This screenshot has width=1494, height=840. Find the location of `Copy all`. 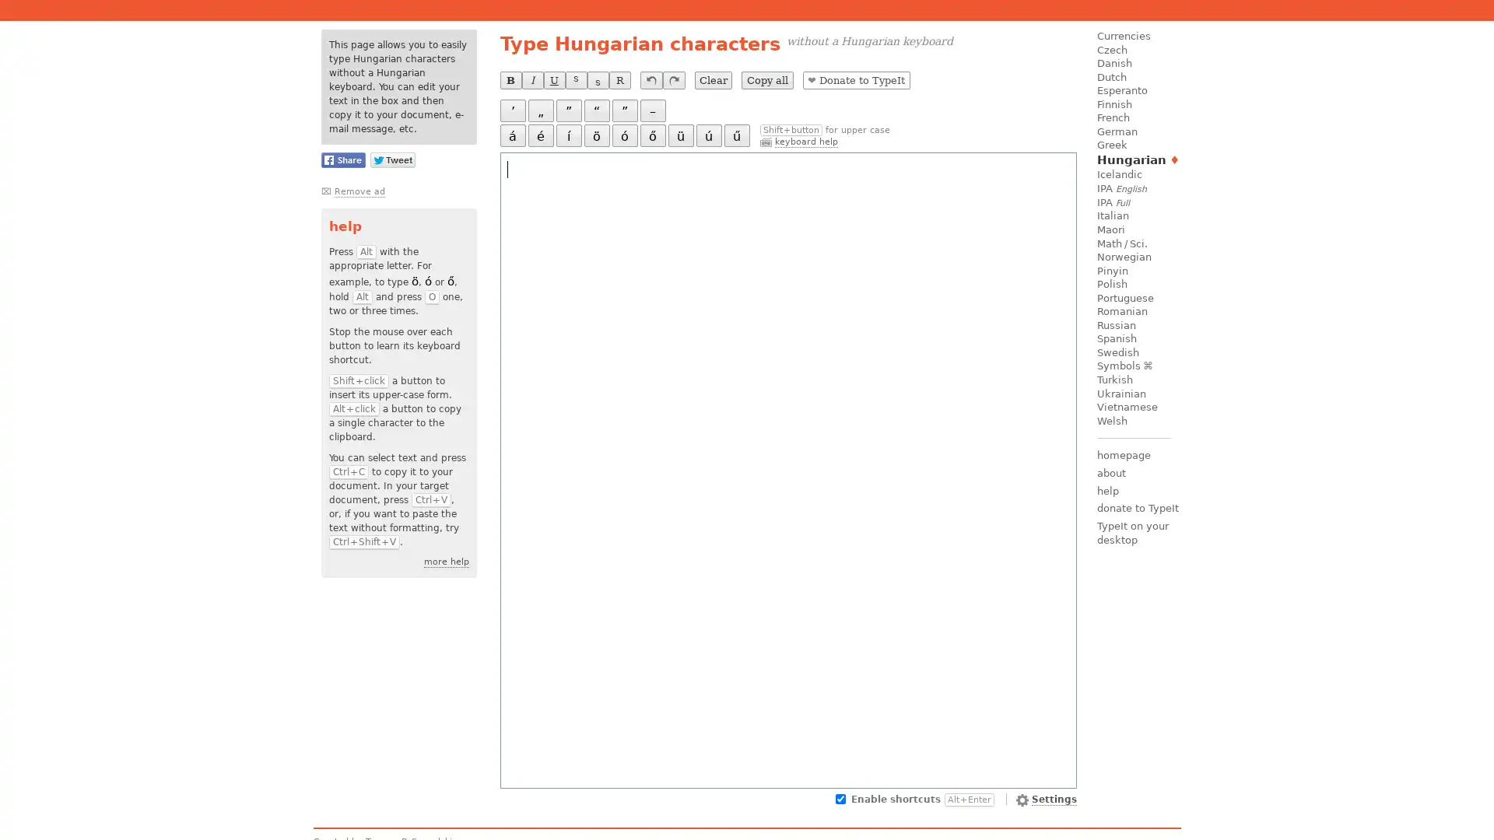

Copy all is located at coordinates (766, 80).